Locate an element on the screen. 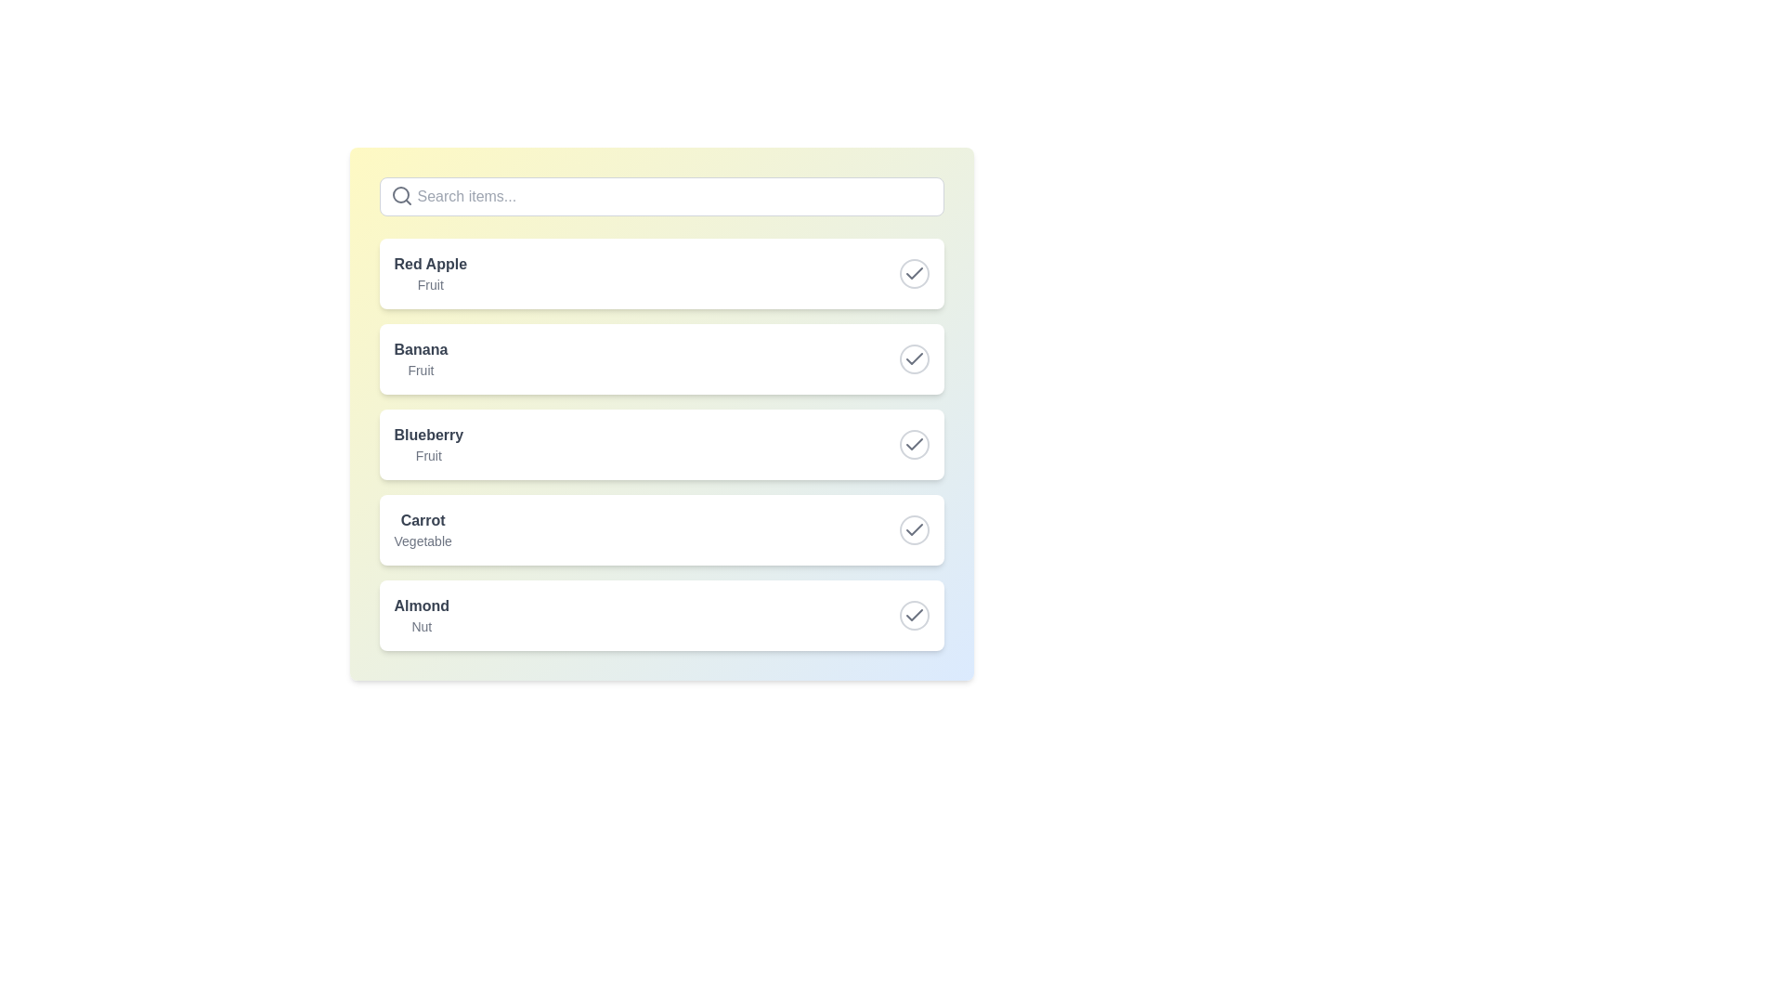  the static text label that displays the word 'Fruit', which is positioned directly beneath the label 'Banana' in a list-like structure is located at coordinates (420, 370).